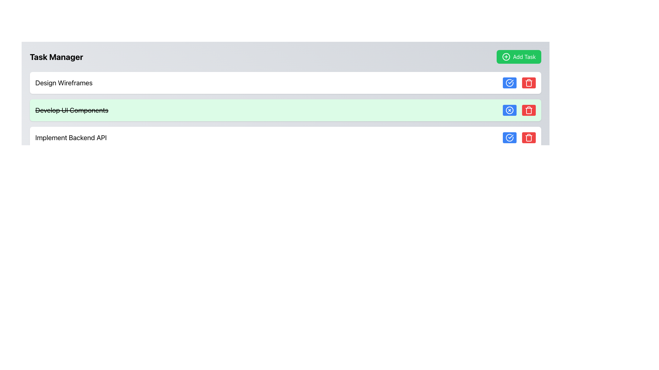  I want to click on text label 'Add Task' styled with white text on a green background in the top-right corner of the layout header, so click(524, 56).